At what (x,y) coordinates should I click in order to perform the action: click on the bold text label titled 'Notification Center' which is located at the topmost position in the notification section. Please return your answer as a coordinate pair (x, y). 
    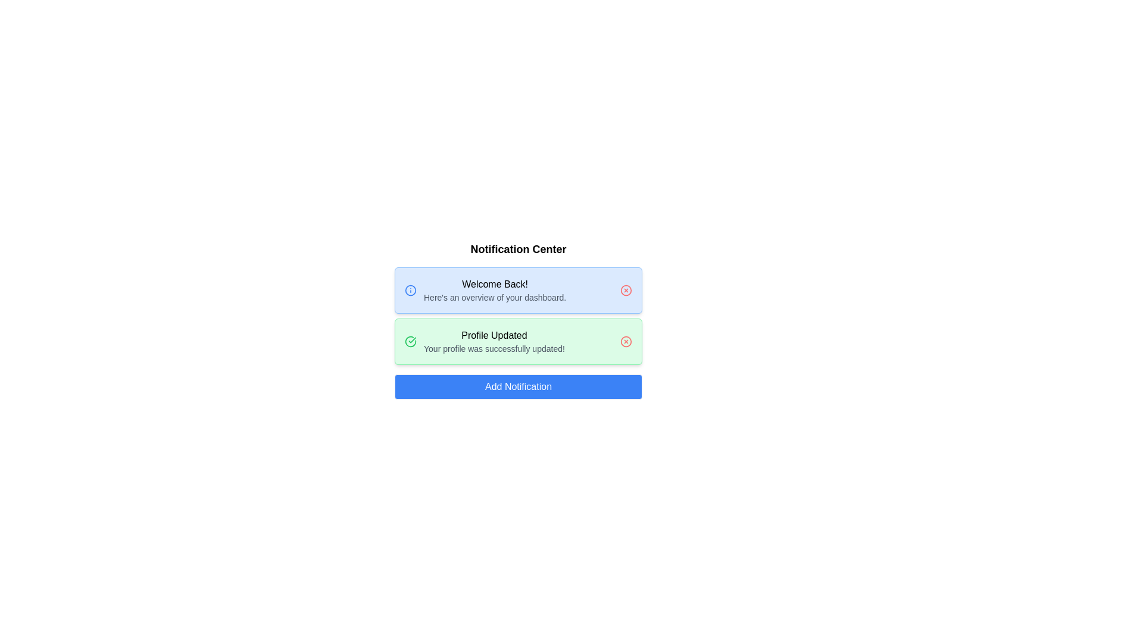
    Looking at the image, I should click on (518, 249).